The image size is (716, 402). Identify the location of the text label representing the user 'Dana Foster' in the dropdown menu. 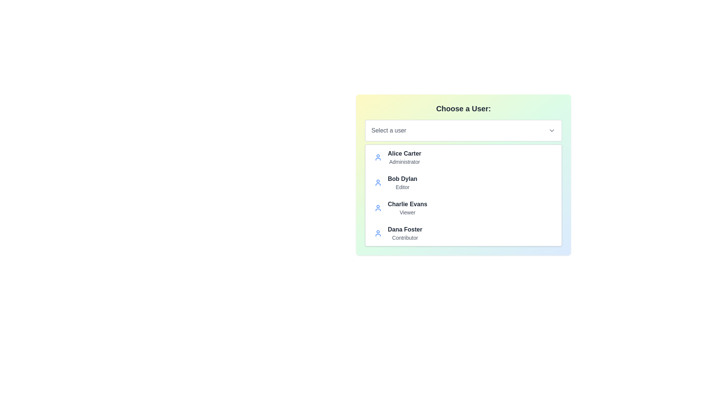
(405, 229).